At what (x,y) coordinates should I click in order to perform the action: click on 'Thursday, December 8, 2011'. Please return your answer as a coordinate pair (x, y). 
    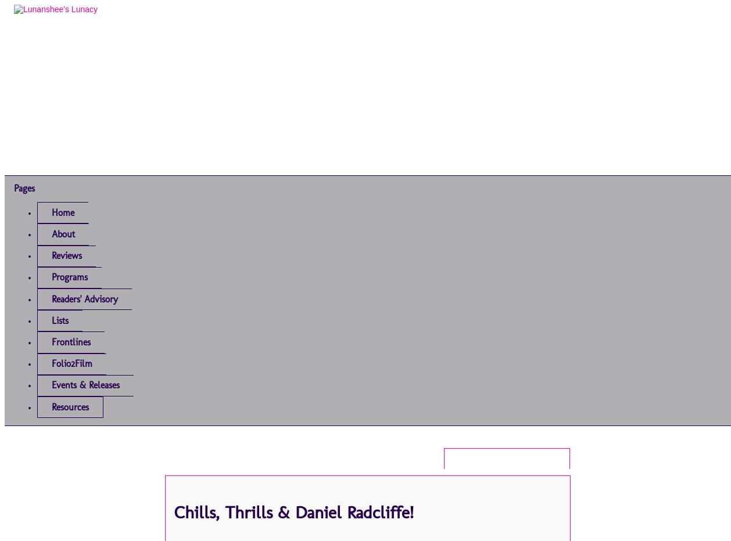
    Looking at the image, I should click on (507, 459).